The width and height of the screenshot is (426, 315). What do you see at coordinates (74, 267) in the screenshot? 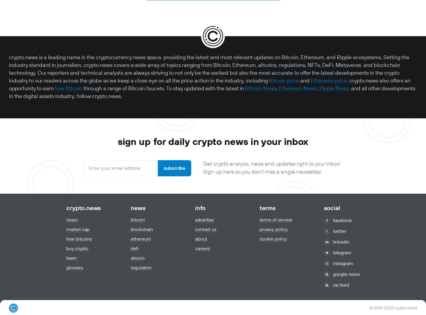
I see `'Glossary'` at bounding box center [74, 267].